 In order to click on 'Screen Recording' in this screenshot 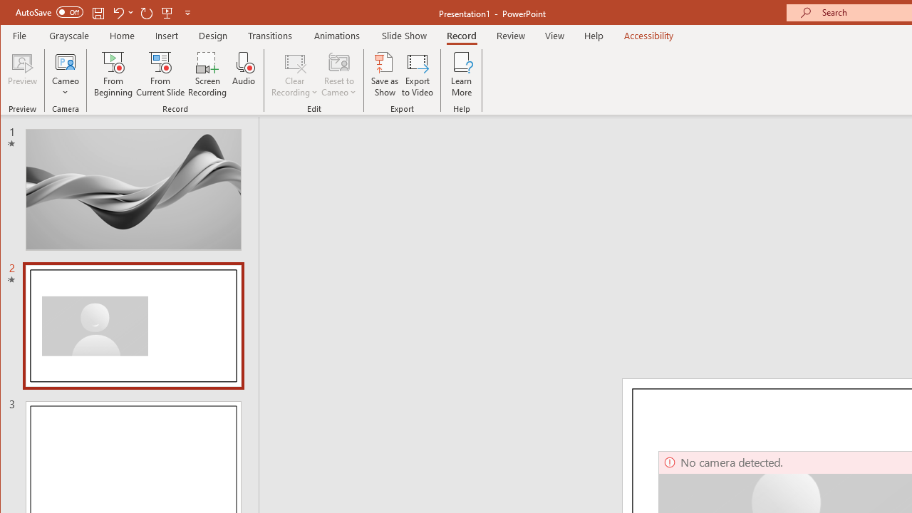, I will do `click(207, 74)`.